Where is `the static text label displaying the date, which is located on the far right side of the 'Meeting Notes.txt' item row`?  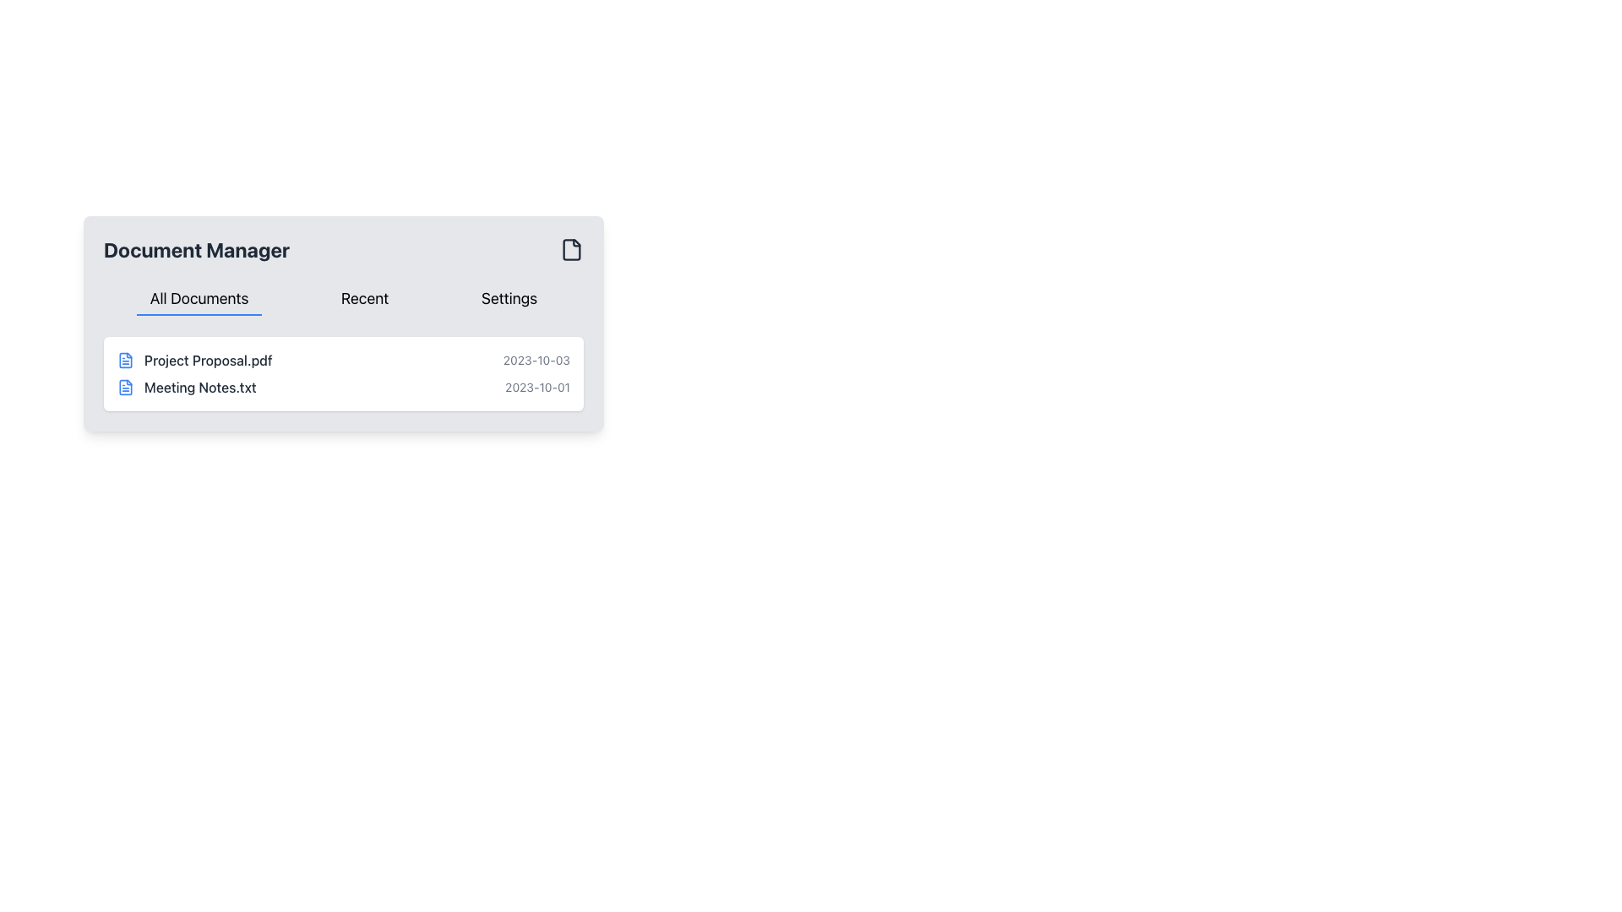 the static text label displaying the date, which is located on the far right side of the 'Meeting Notes.txt' item row is located at coordinates (536, 388).